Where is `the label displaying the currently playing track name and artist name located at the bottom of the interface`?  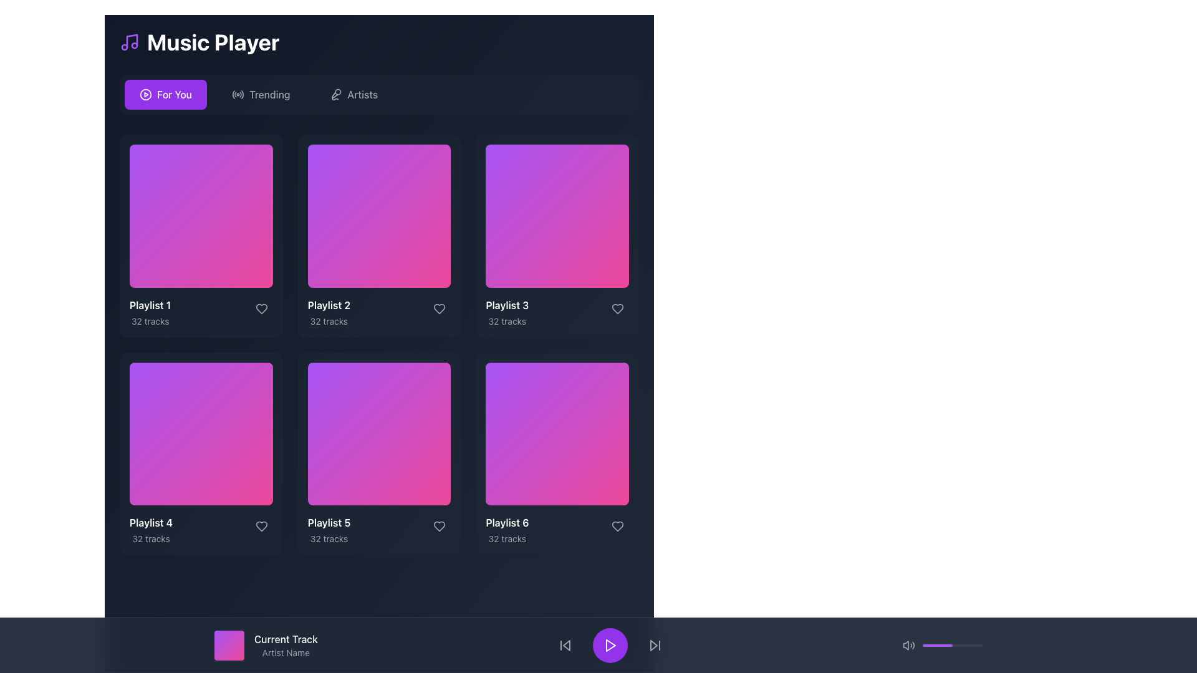 the label displaying the currently playing track name and artist name located at the bottom of the interface is located at coordinates (285, 645).